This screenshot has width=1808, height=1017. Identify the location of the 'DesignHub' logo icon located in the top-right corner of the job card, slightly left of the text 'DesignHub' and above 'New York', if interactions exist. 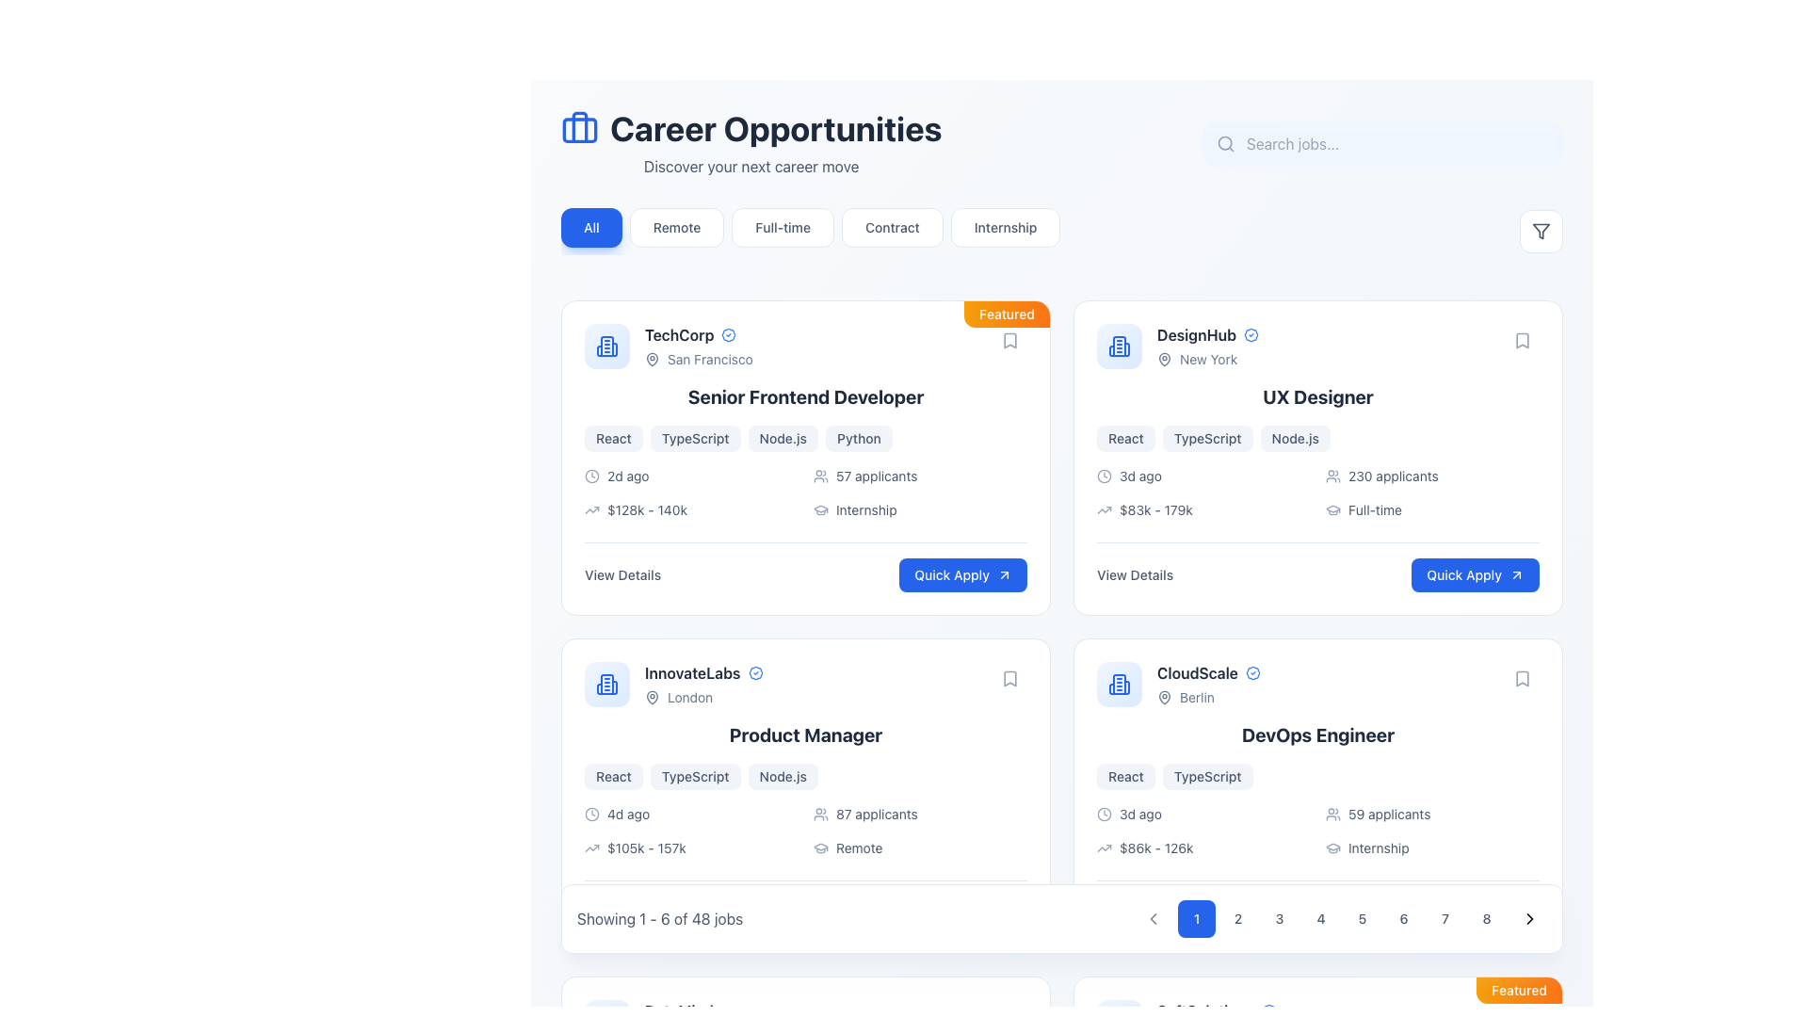
(1120, 346).